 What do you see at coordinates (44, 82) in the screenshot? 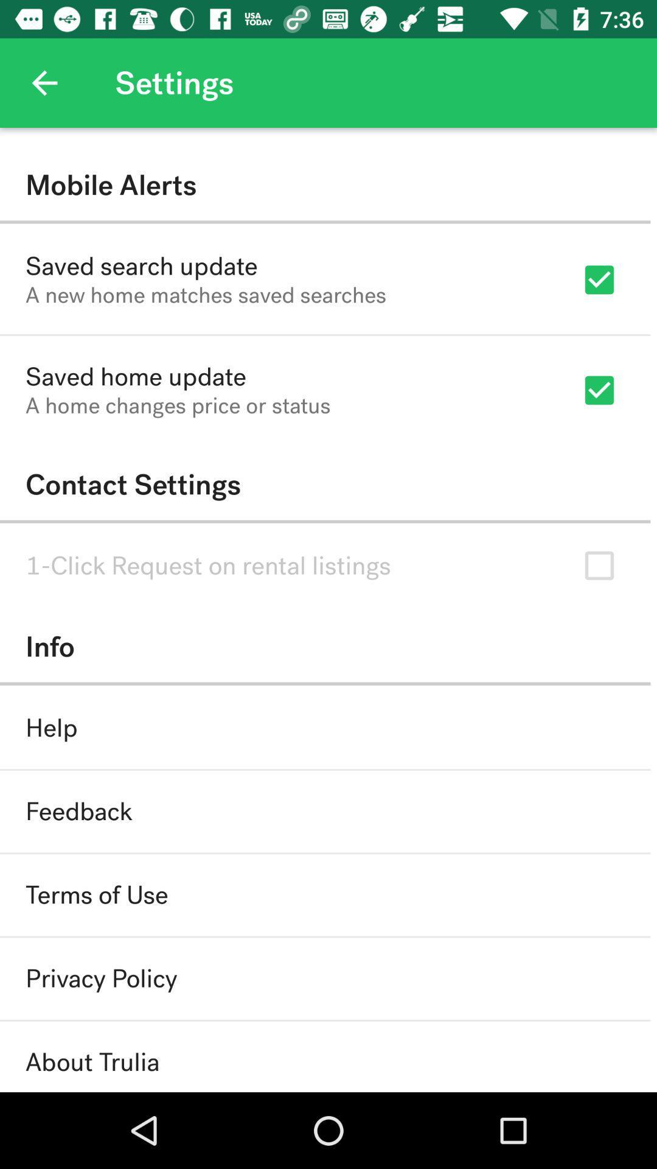
I see `the item above the mobile alerts icon` at bounding box center [44, 82].